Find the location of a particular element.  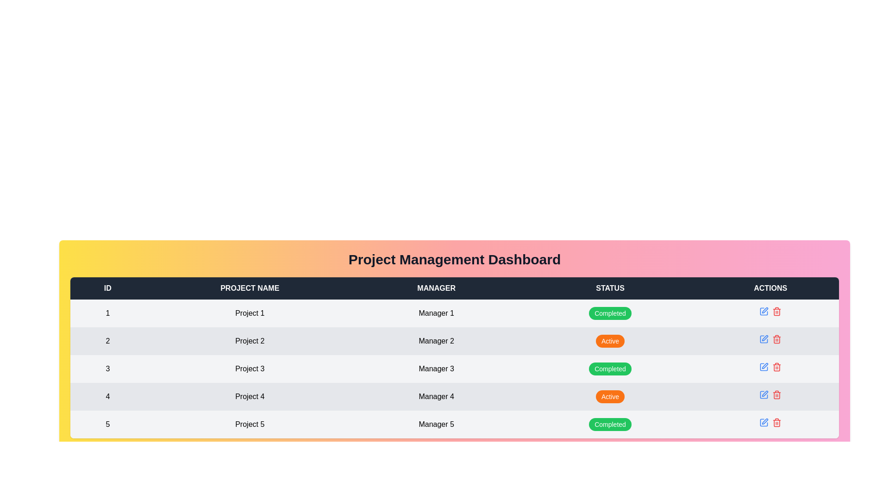

the 'Manager' text label, which is displayed in white on a dark blue rectangular header section, positioned centrally between the 'Project Name' and 'Status' headers at the top of the data table is located at coordinates (436, 288).